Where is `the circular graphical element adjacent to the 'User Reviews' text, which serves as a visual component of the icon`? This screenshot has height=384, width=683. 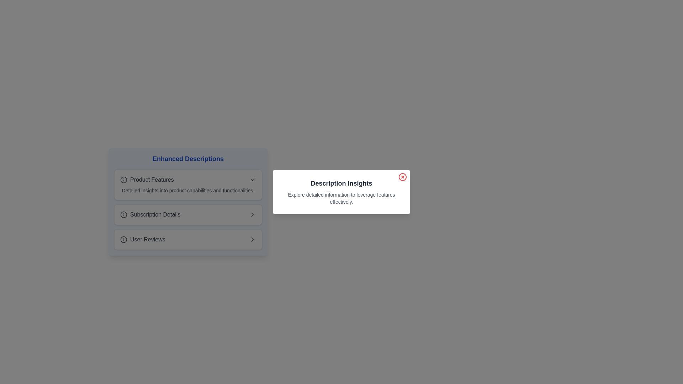
the circular graphical element adjacent to the 'User Reviews' text, which serves as a visual component of the icon is located at coordinates (123, 240).